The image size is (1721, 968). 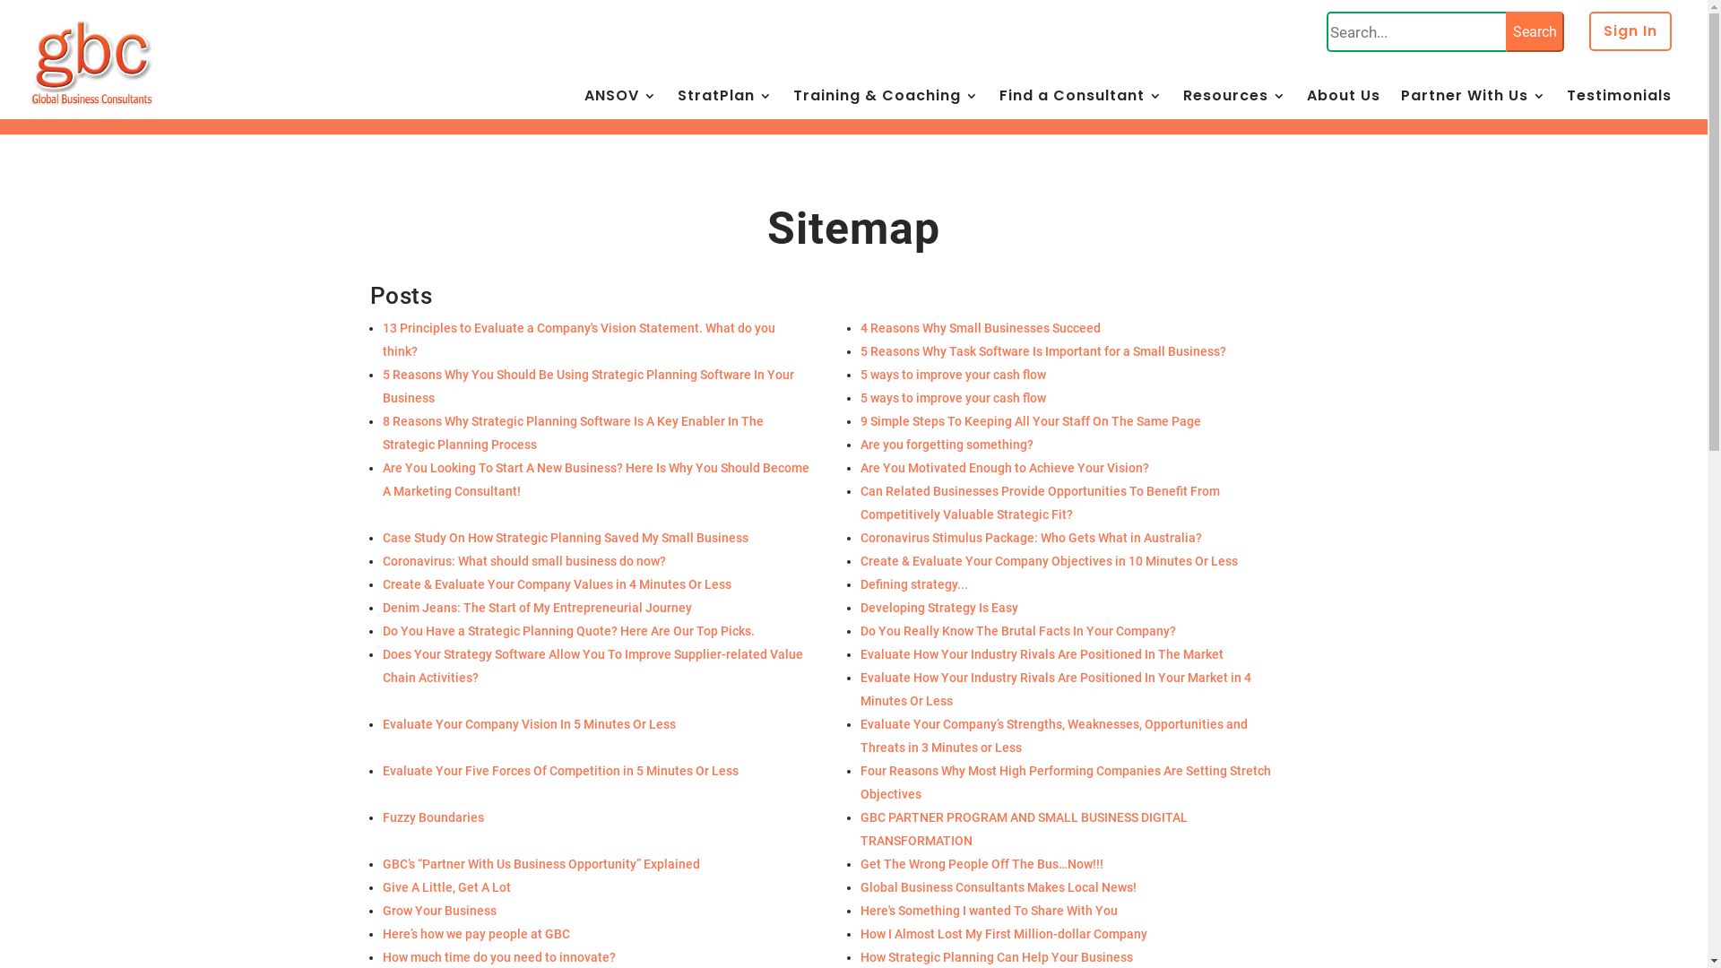 I want to click on 'Resources', so click(x=1233, y=107).